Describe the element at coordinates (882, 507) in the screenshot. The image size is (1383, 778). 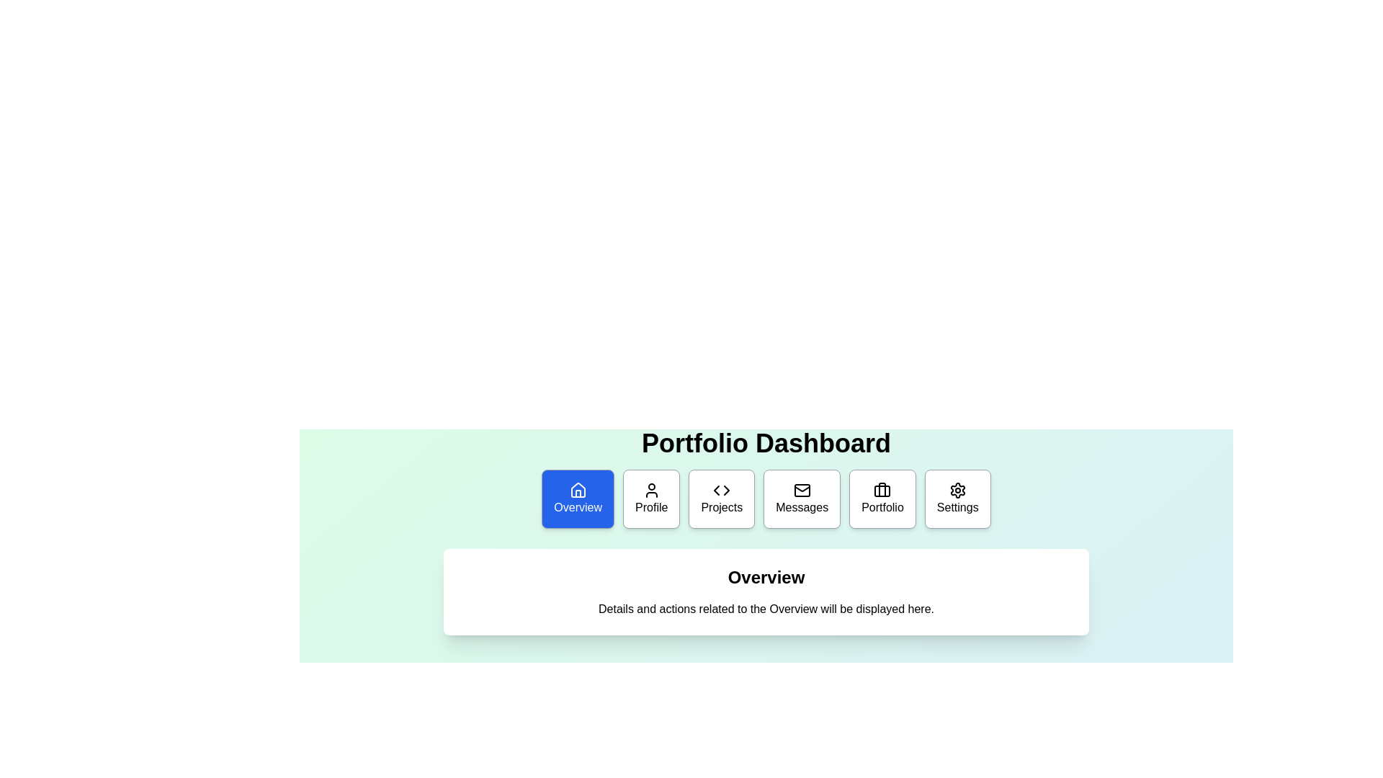
I see `text label located at the bottom-center of the navigation section associated with 'Portfolio', which is positioned below a briefcase icon` at that location.